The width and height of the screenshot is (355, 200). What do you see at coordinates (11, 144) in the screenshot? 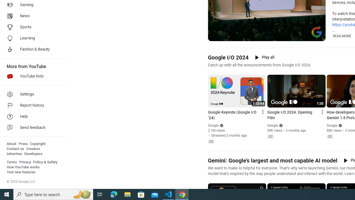
I see `'About'` at bounding box center [11, 144].